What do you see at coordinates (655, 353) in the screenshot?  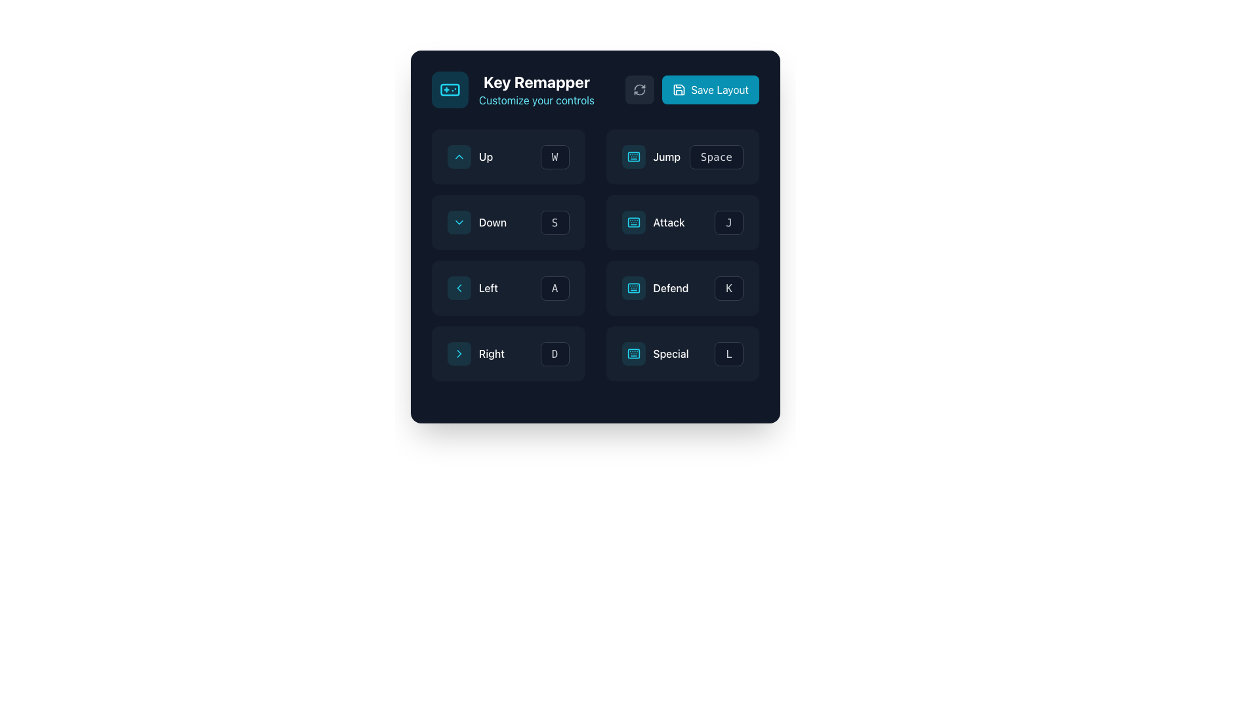 I see `the 'Special' button, which is a rectangular button with a dark background, rounded corners, and a cyan-colored keyboard icon on the left, located in the bottom row of the 'Key Remapper' interface` at bounding box center [655, 353].